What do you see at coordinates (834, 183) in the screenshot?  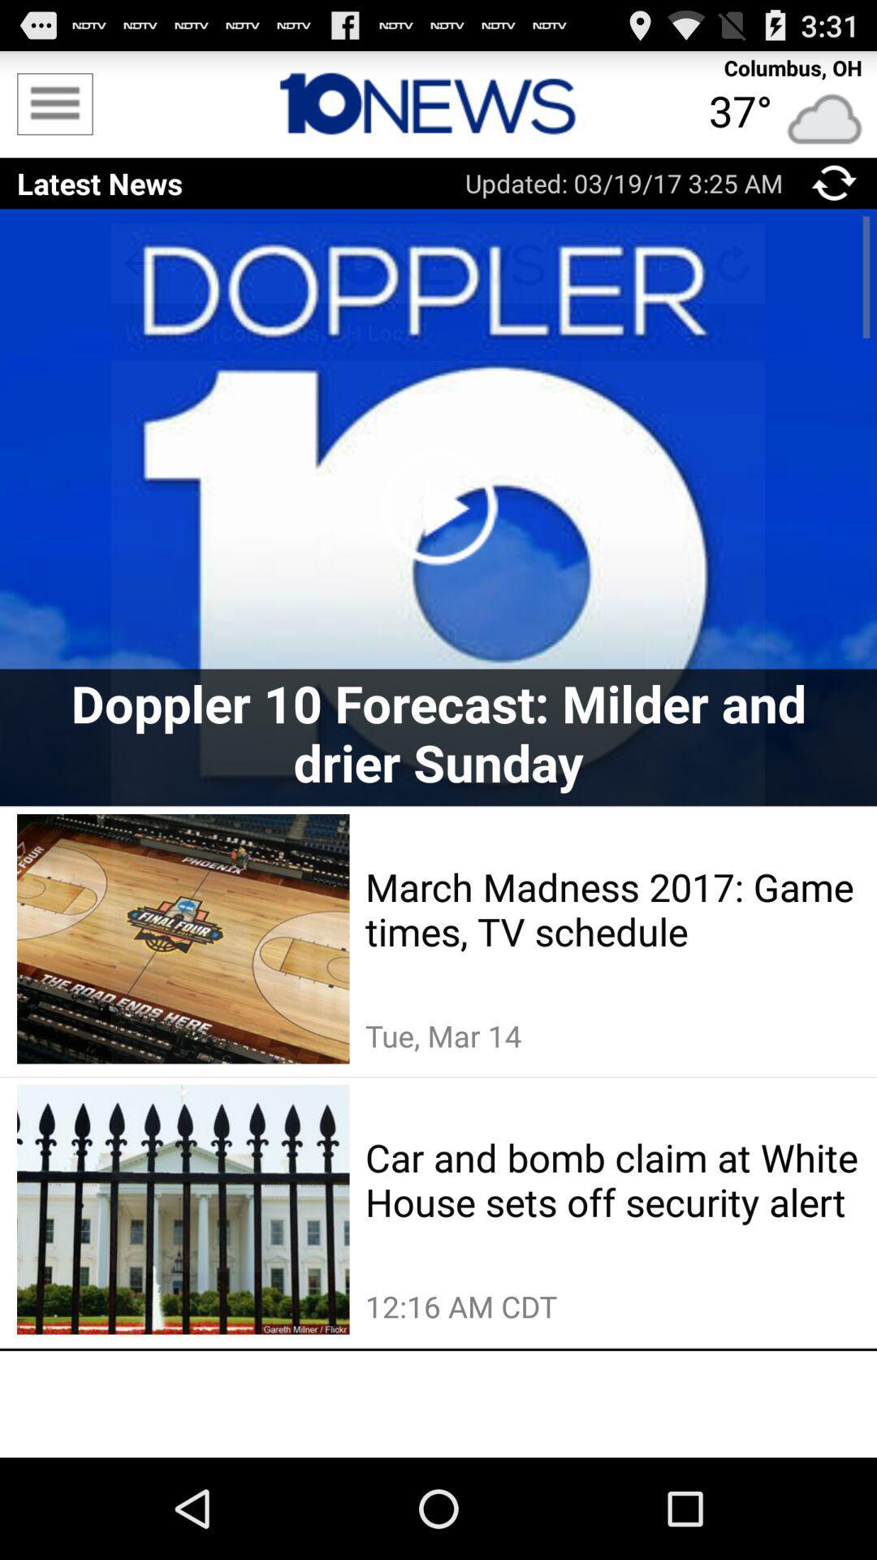 I see `go to` at bounding box center [834, 183].